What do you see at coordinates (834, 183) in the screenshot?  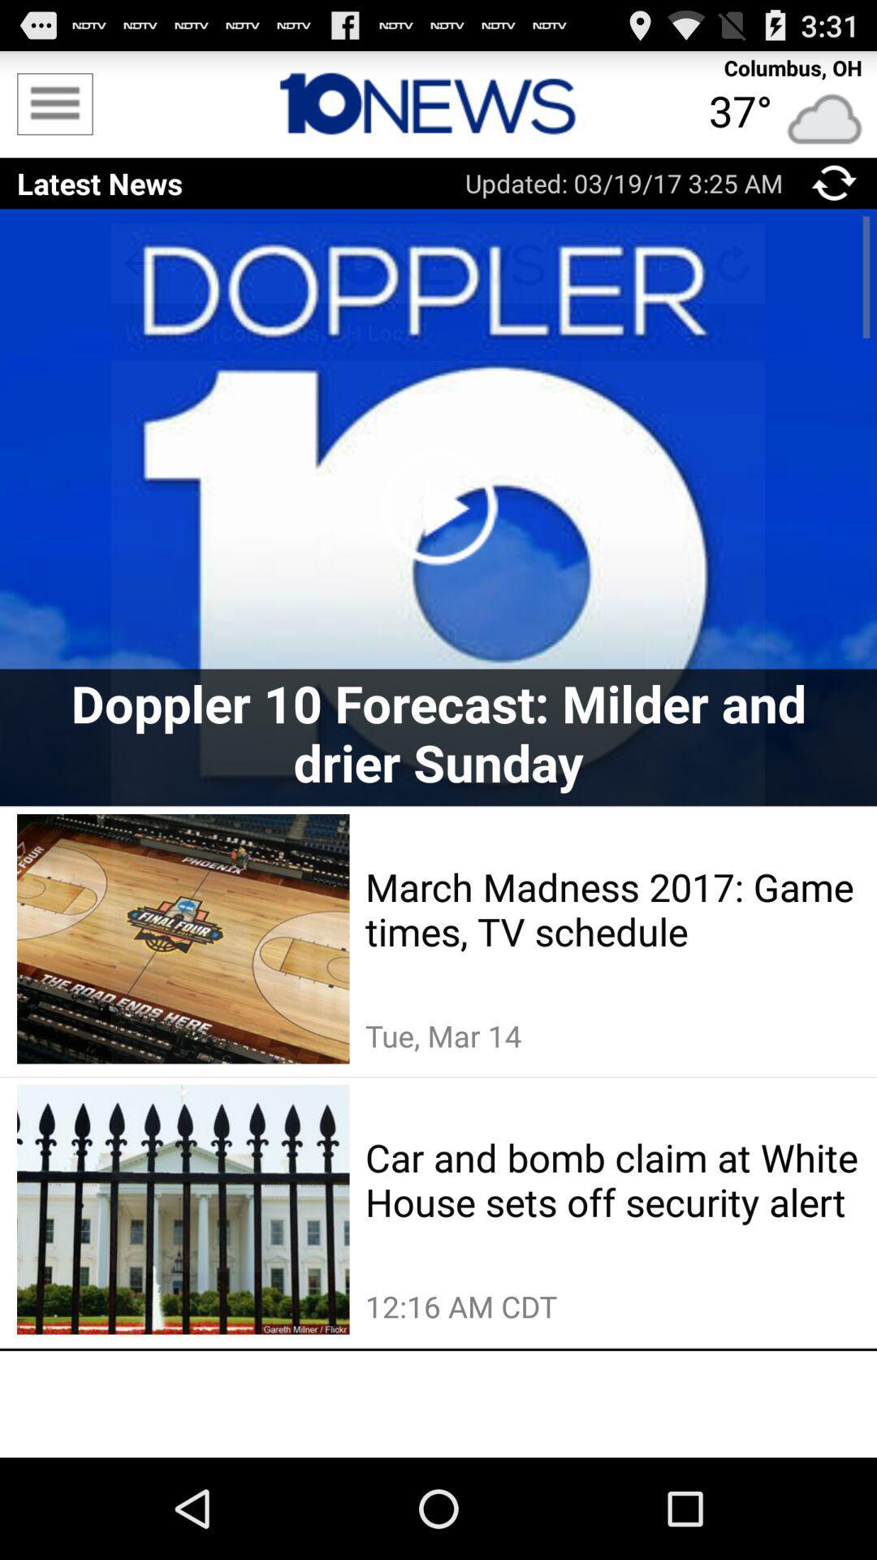 I see `go to` at bounding box center [834, 183].